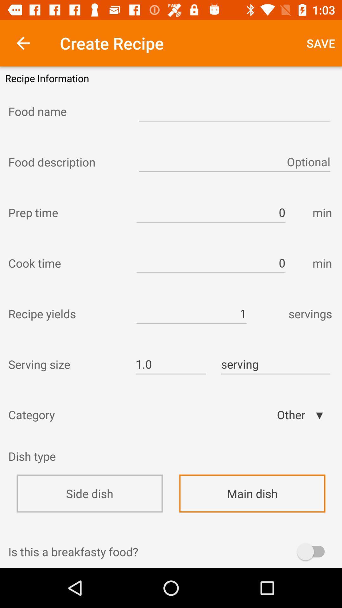 The width and height of the screenshot is (342, 608). I want to click on the icon next to the main dish app, so click(32, 460).